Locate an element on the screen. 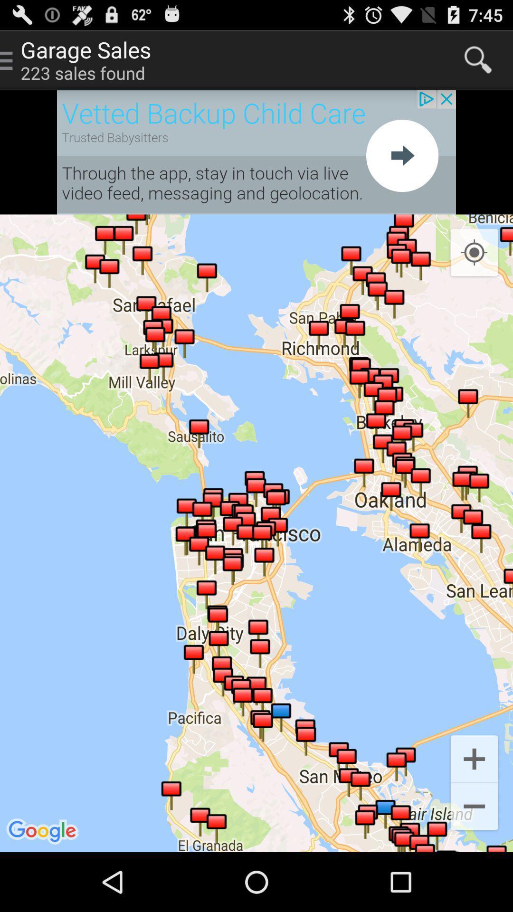 The height and width of the screenshot is (912, 513). the add icon is located at coordinates (474, 811).